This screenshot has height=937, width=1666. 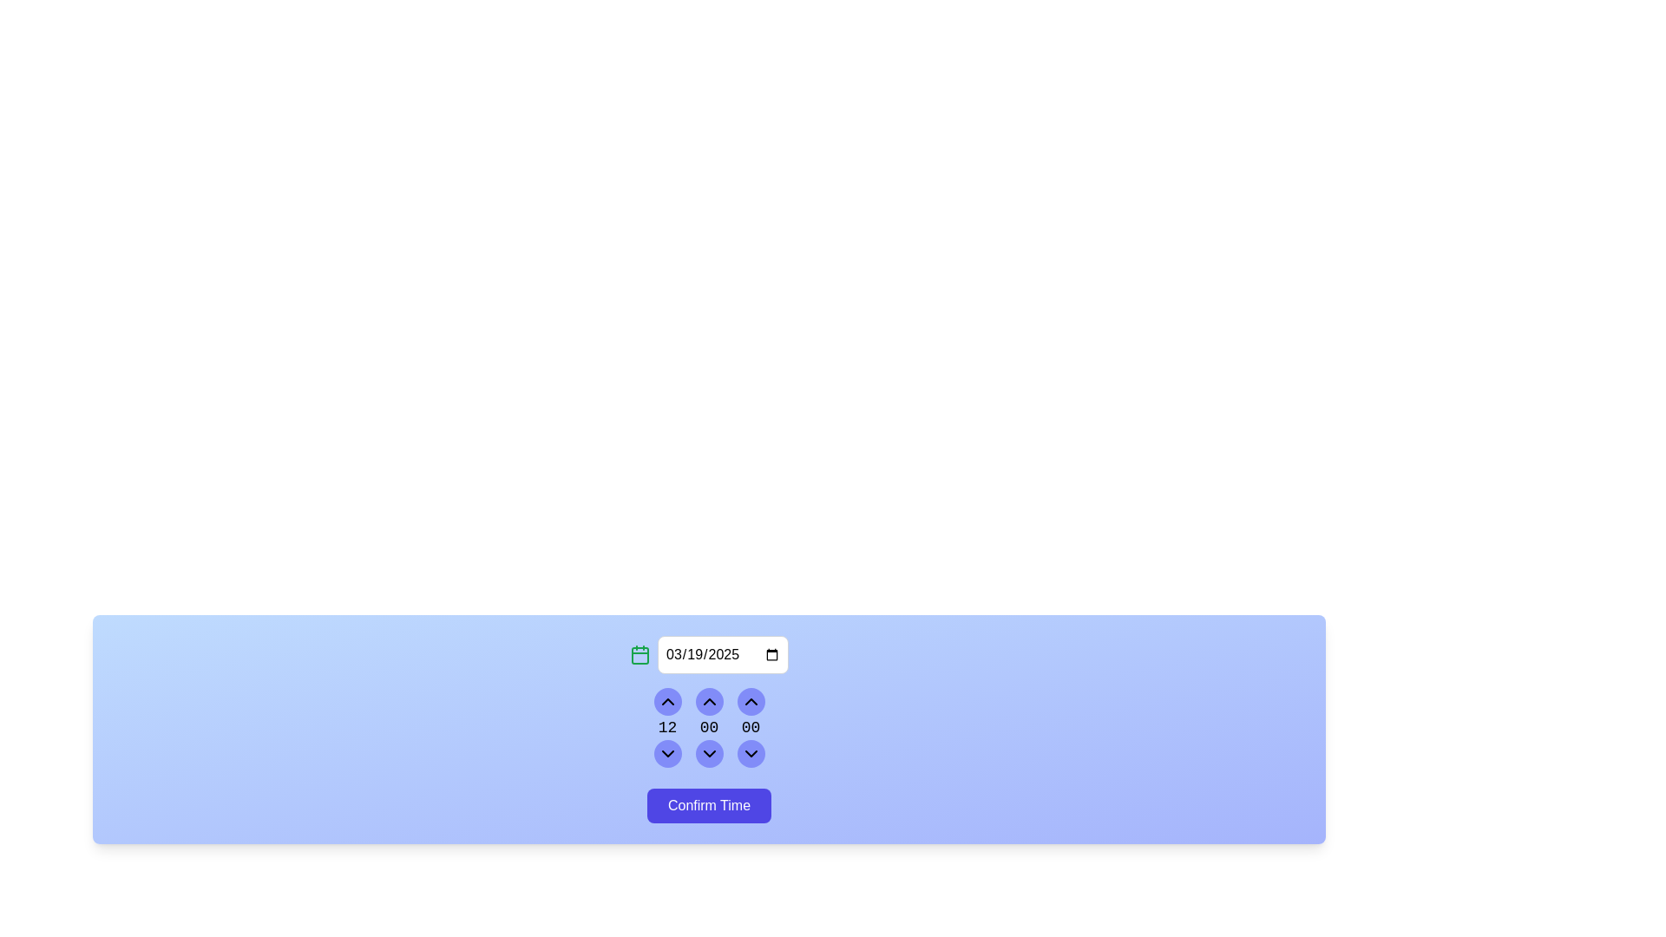 I want to click on the digital clock component displaying two zeros, which is styled in a mono font and located between two arrow buttons, so click(x=751, y=728).